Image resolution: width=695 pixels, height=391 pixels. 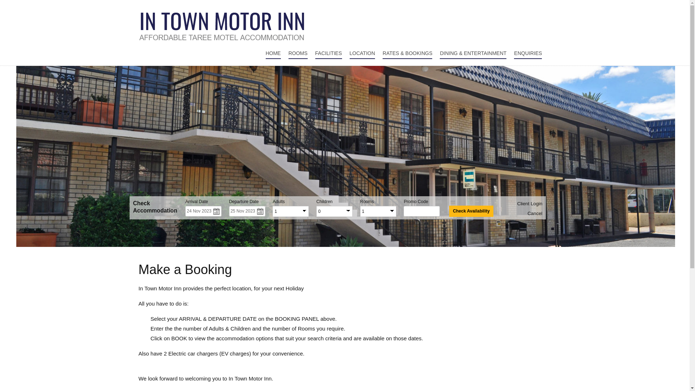 What do you see at coordinates (328, 53) in the screenshot?
I see `'FACILITIES'` at bounding box center [328, 53].